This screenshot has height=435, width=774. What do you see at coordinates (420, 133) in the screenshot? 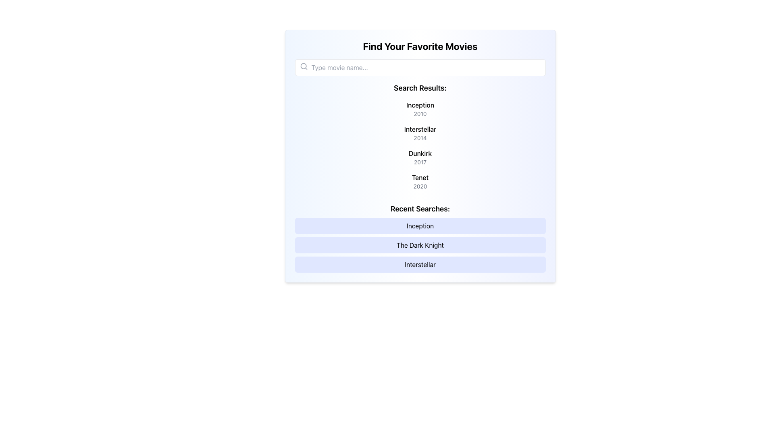
I see `the second list item` at bounding box center [420, 133].